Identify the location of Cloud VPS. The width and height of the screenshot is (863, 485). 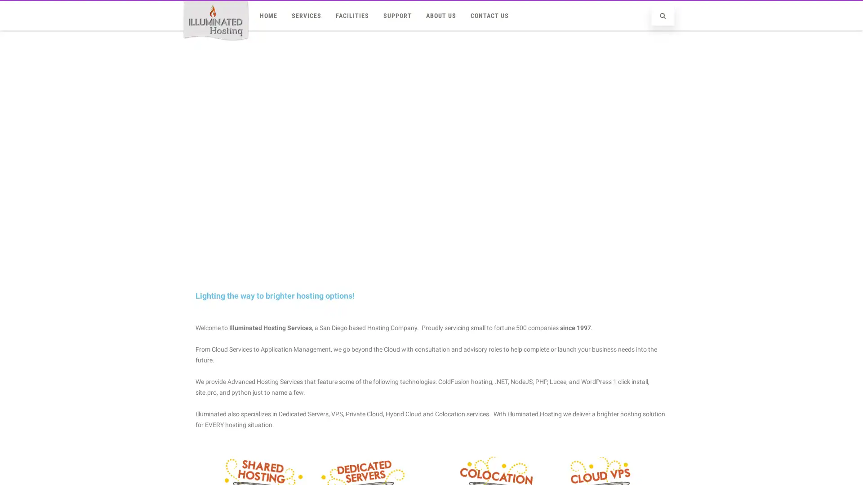
(418, 290).